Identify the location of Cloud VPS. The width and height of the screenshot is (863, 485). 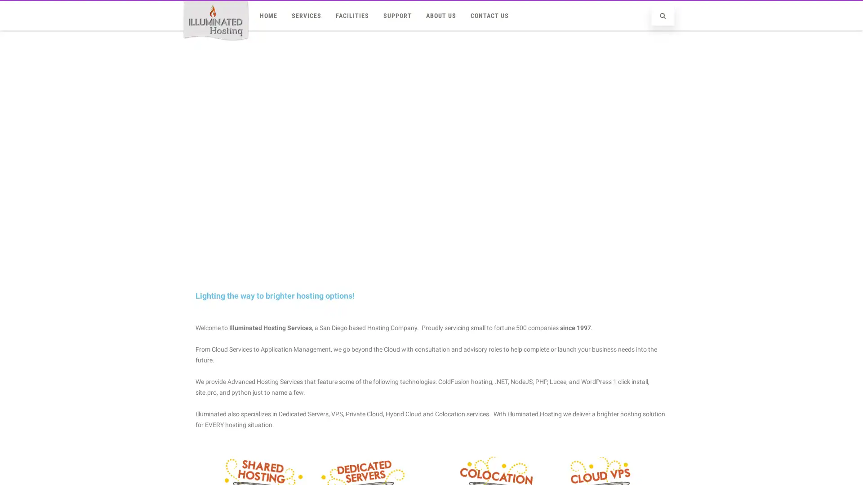
(418, 290).